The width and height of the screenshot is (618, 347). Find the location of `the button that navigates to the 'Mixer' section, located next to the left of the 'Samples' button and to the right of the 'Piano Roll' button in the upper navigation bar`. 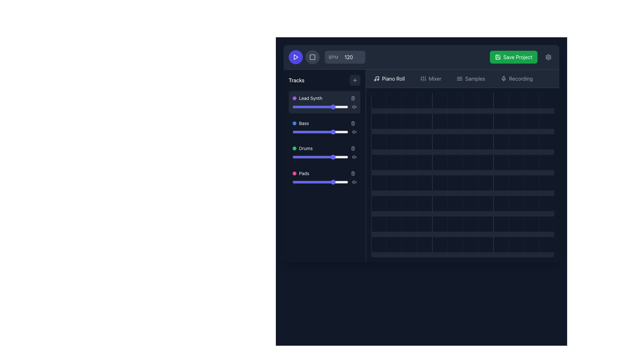

the button that navigates to the 'Mixer' section, located next to the left of the 'Samples' button and to the right of the 'Piano Roll' button in the upper navigation bar is located at coordinates (431, 78).